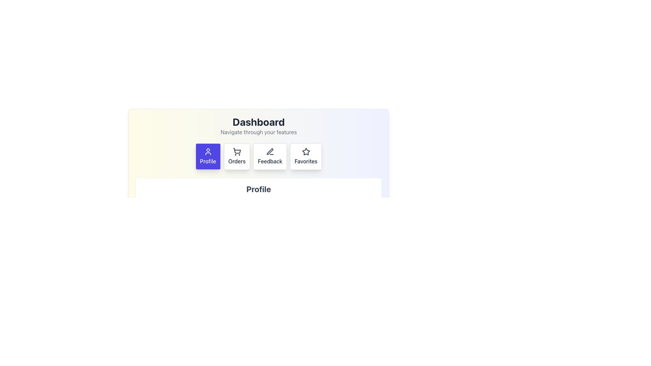 Image resolution: width=651 pixels, height=366 pixels. I want to click on the white rounded rectangular button labeled 'Orders' with a shopping cart icon, so click(237, 157).